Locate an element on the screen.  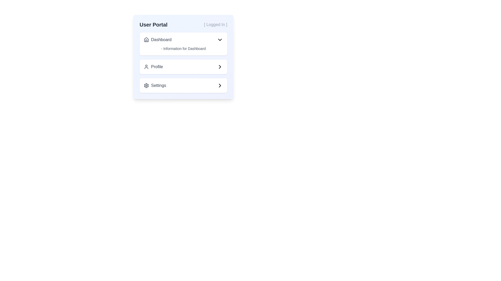
the static text element displaying 'User Portal' in bold, large dark gray font, located to the left of '[ Logged In ]' is located at coordinates (153, 25).